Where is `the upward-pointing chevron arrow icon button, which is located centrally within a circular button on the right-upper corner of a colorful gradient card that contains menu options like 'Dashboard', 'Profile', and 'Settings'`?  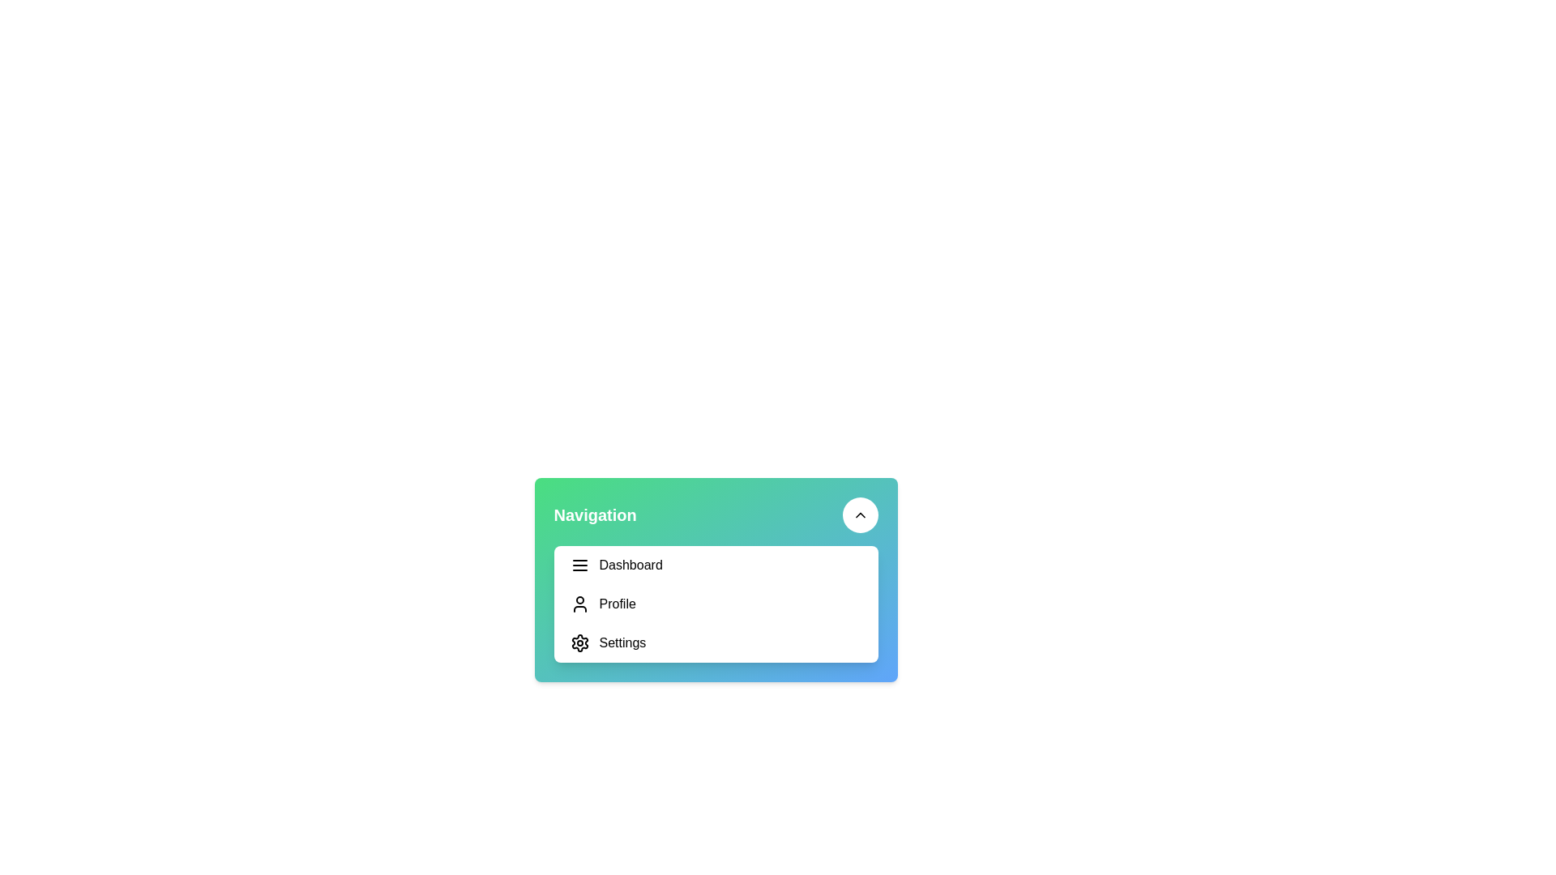
the upward-pointing chevron arrow icon button, which is located centrally within a circular button on the right-upper corner of a colorful gradient card that contains menu options like 'Dashboard', 'Profile', and 'Settings' is located at coordinates (859, 515).